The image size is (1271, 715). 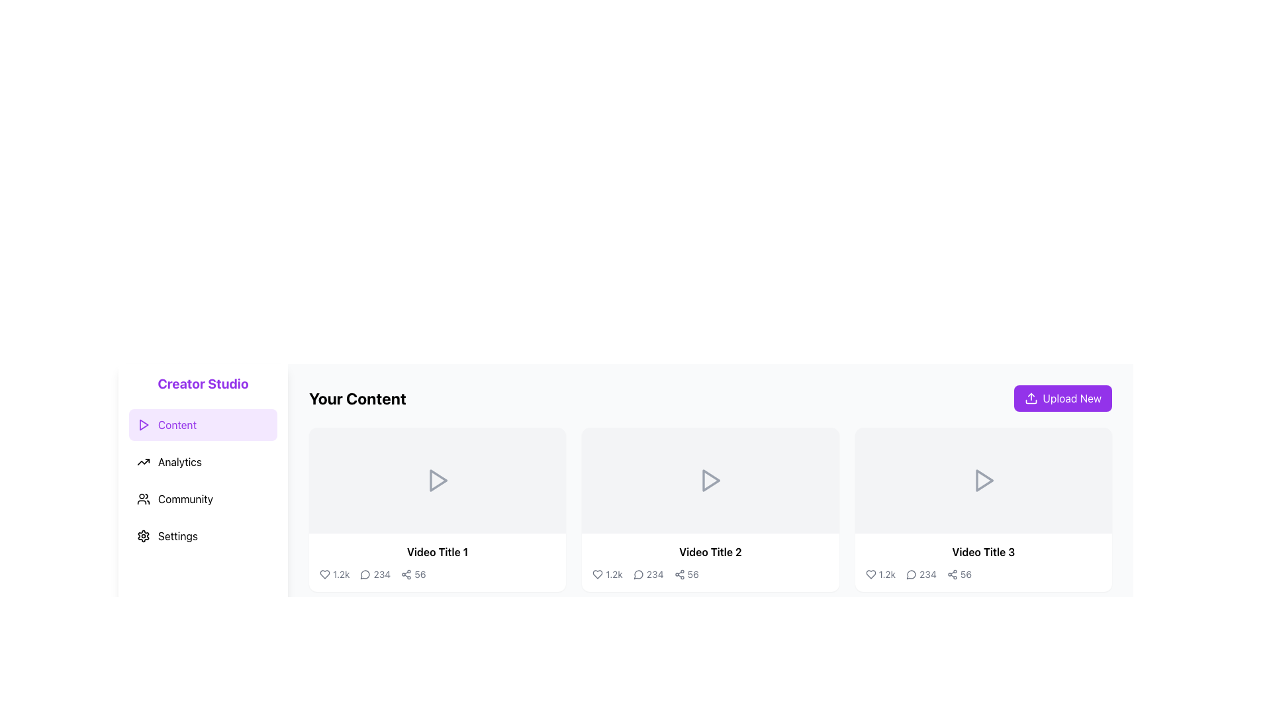 What do you see at coordinates (203, 461) in the screenshot?
I see `the 'Analytics' button located below the 'Content' button and above the 'Community' button in the navigation section` at bounding box center [203, 461].